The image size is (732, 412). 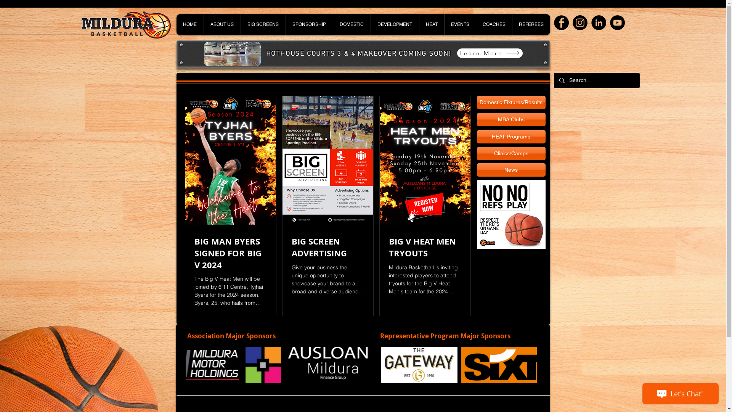 What do you see at coordinates (263, 24) in the screenshot?
I see `'BIG SCREENS'` at bounding box center [263, 24].